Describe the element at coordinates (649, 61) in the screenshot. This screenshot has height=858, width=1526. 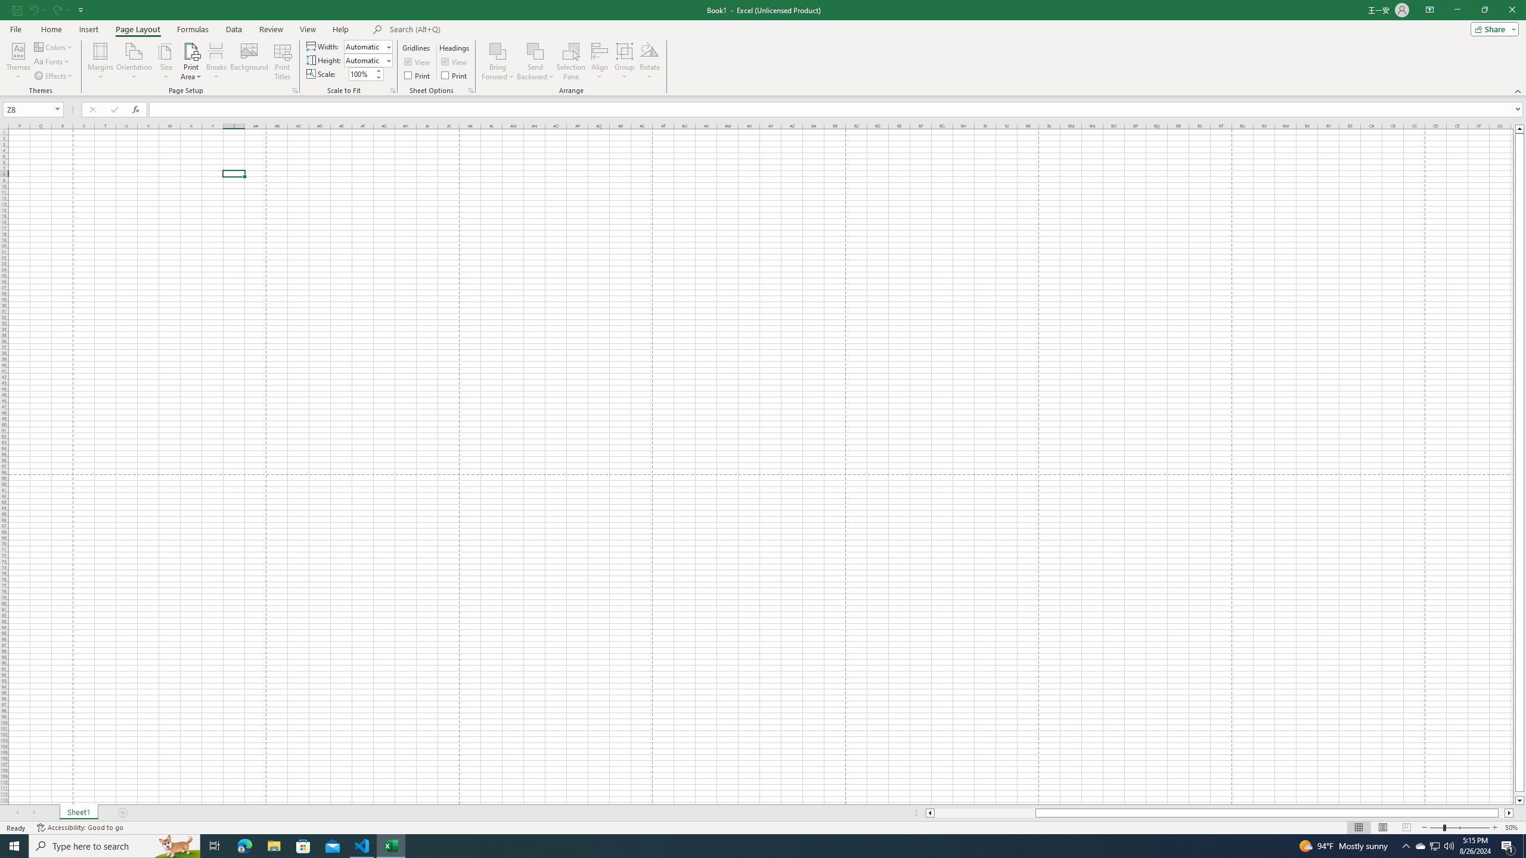
I see `'Rotate'` at that location.